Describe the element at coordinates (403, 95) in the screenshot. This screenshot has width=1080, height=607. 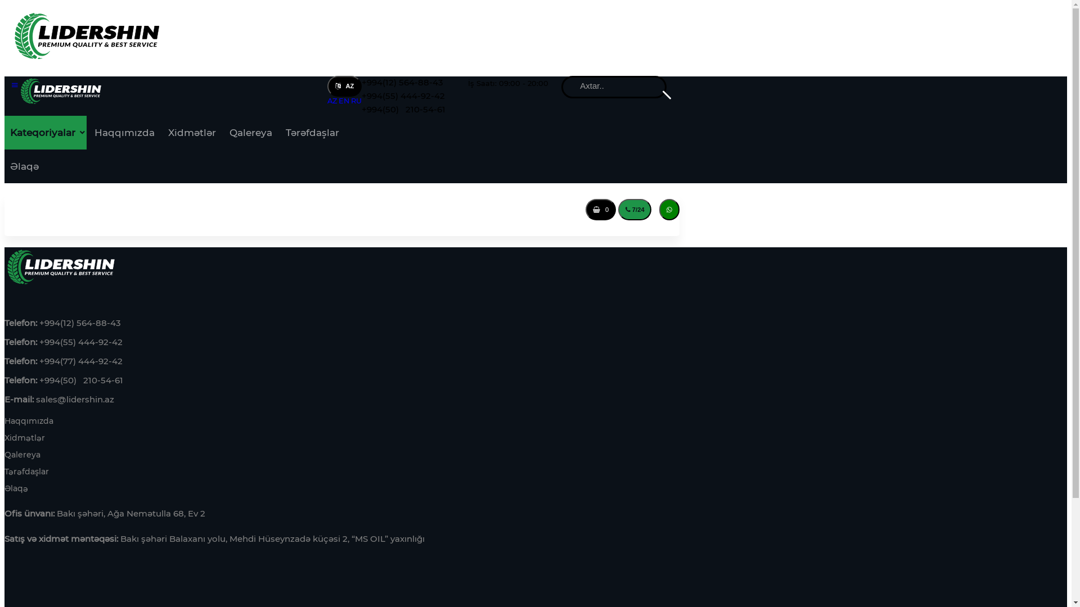
I see `'+994(55) 444-92-42'` at that location.